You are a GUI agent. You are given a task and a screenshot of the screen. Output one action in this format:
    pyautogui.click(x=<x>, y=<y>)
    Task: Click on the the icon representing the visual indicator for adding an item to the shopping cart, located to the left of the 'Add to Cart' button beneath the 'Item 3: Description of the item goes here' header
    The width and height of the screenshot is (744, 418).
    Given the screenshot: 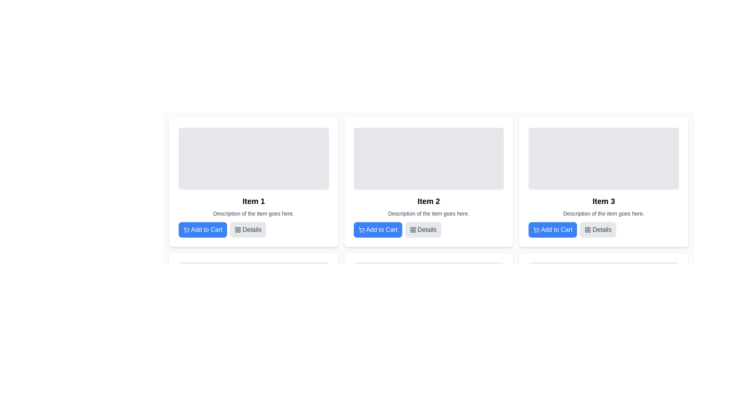 What is the action you would take?
    pyautogui.click(x=536, y=230)
    